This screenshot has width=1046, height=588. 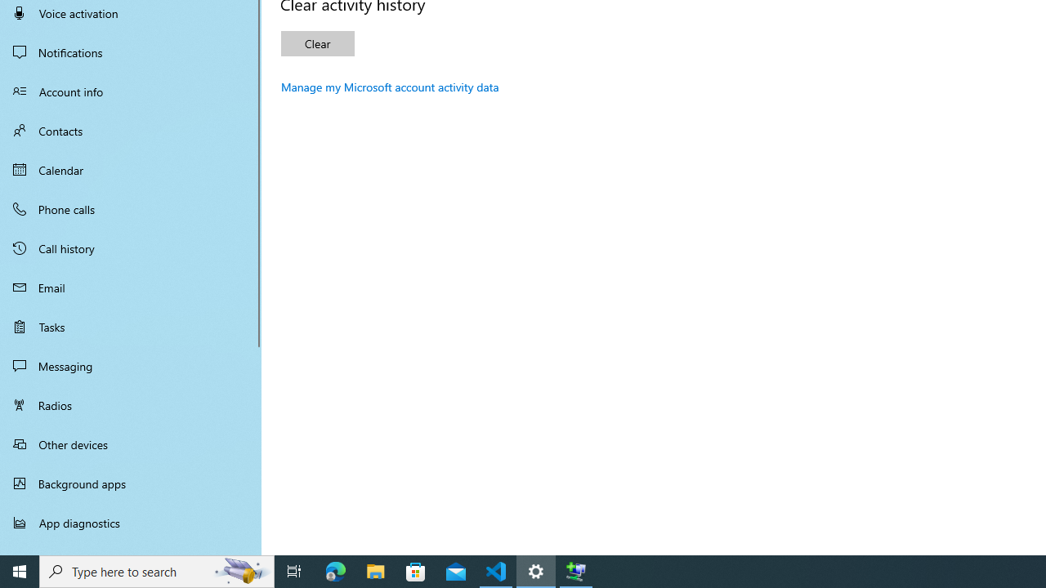 What do you see at coordinates (131, 51) in the screenshot?
I see `'Notifications'` at bounding box center [131, 51].